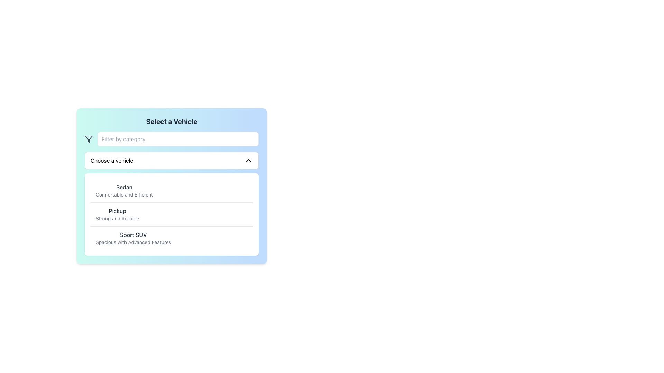 This screenshot has height=373, width=664. What do you see at coordinates (89, 139) in the screenshot?
I see `the filtering icon located at the top-left corner of the interface, which is directly to the left of the 'Filter by category' text input field` at bounding box center [89, 139].